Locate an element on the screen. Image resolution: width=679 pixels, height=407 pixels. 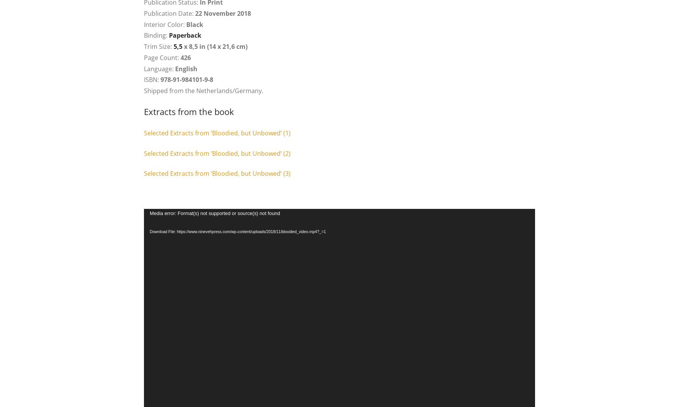
'Shipped from the Netherlands/Germany.' is located at coordinates (204, 91).